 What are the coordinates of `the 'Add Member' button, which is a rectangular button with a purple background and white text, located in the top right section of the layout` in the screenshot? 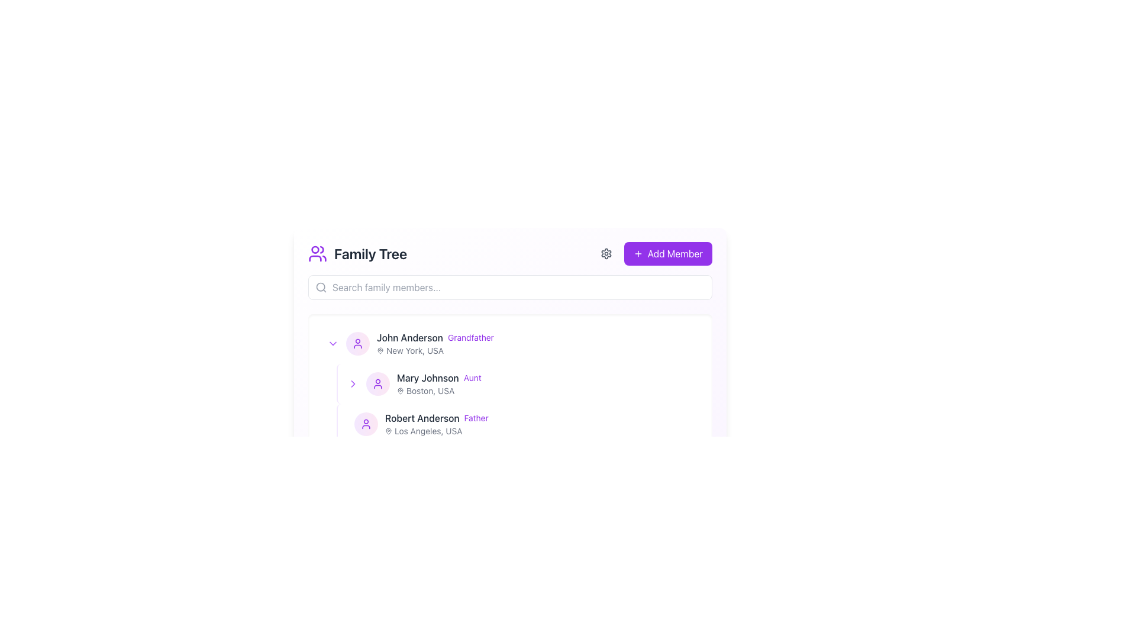 It's located at (653, 253).